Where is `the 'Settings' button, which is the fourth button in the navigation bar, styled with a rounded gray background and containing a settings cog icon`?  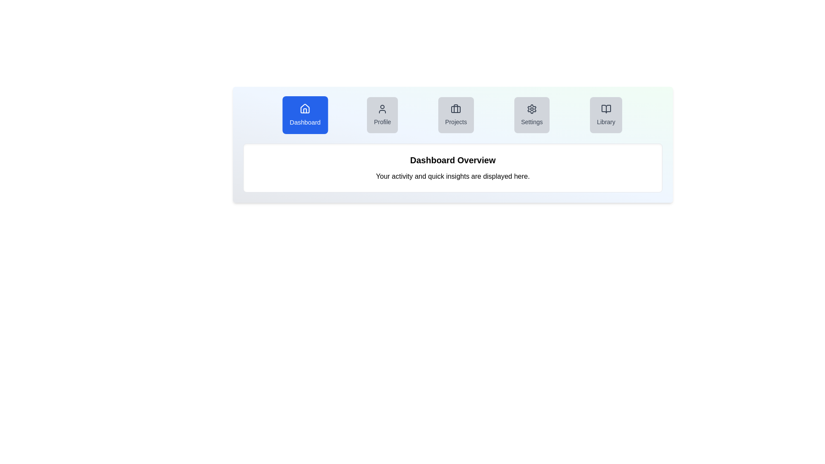
the 'Settings' button, which is the fourth button in the navigation bar, styled with a rounded gray background and containing a settings cog icon is located at coordinates (532, 114).